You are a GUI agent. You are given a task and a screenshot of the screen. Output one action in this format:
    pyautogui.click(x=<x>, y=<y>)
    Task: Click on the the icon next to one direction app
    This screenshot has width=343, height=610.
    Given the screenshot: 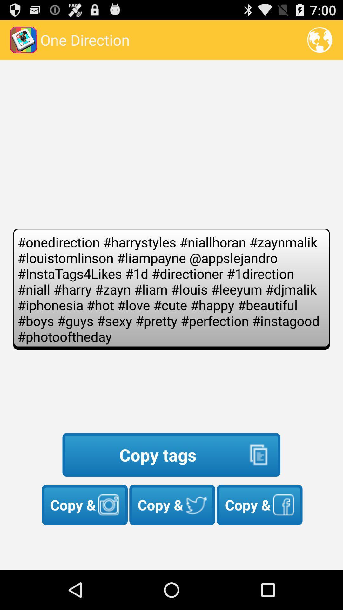 What is the action you would take?
    pyautogui.click(x=319, y=39)
    